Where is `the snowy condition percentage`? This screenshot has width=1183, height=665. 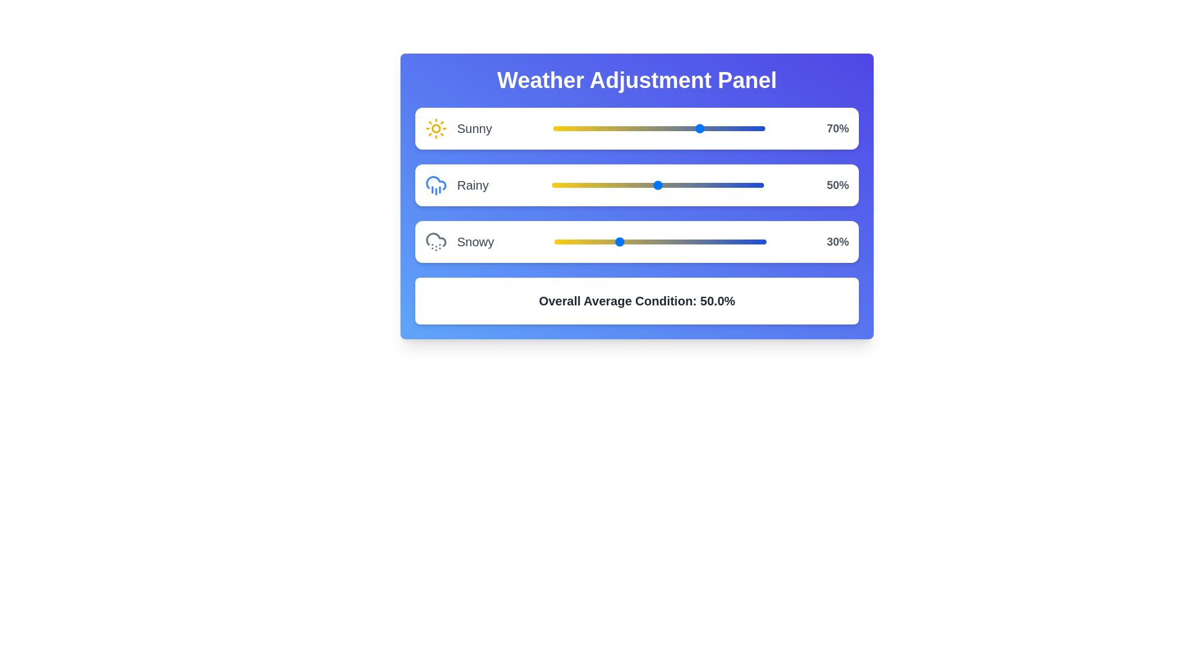 the snowy condition percentage is located at coordinates (624, 242).